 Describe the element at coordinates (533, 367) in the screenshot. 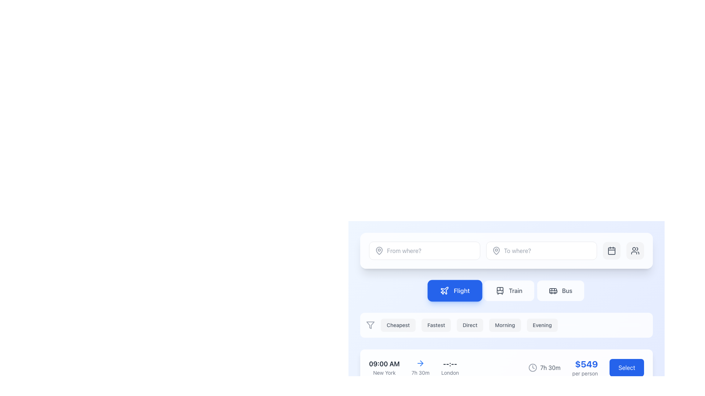

I see `the circular outline of the clock design icon, which is part of a row displaying travel-related information near the duration label '7h 30m'` at that location.